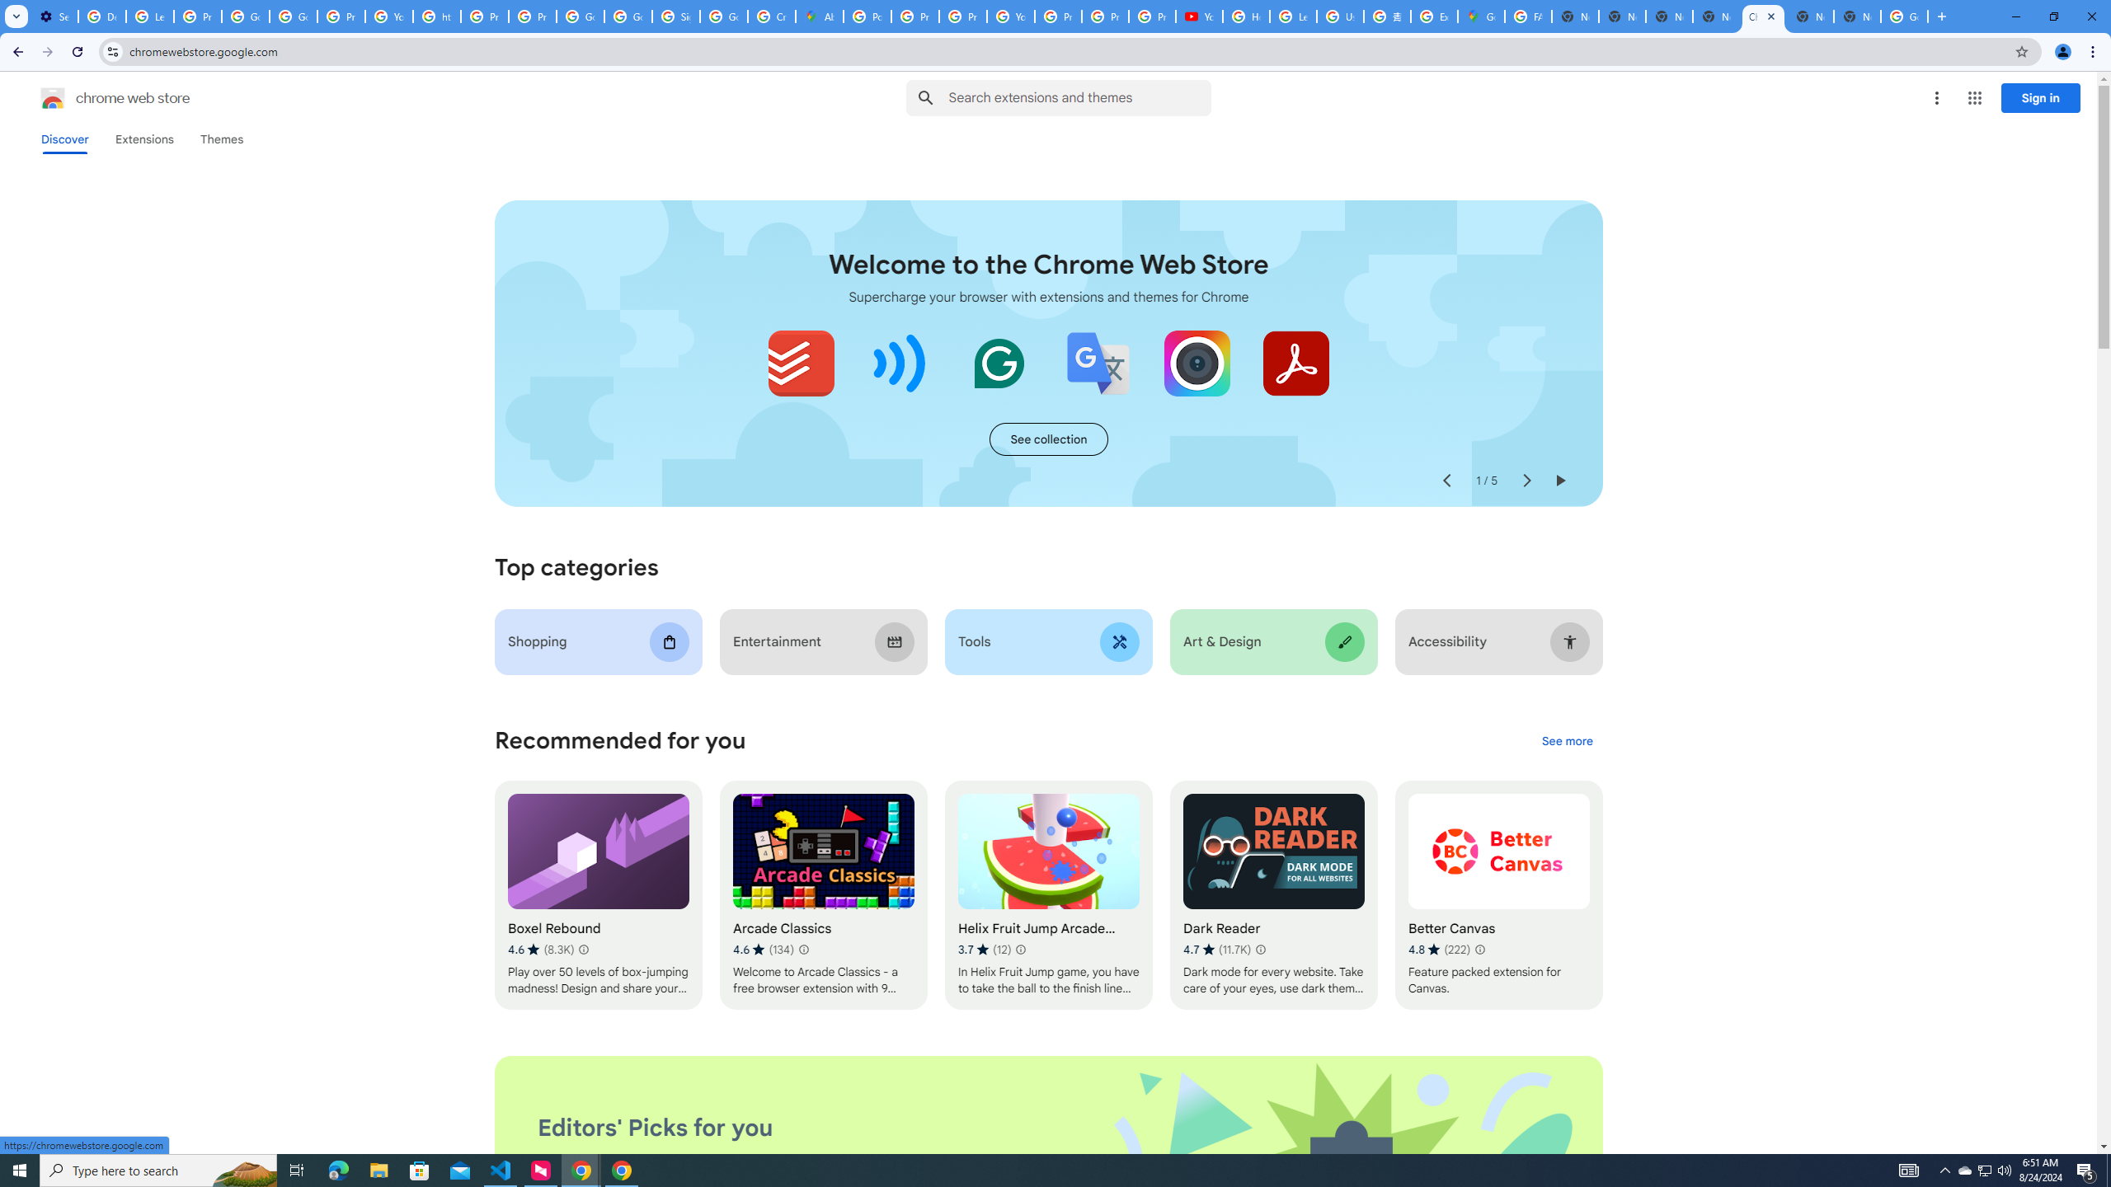 The height and width of the screenshot is (1187, 2111). Describe the element at coordinates (823, 641) in the screenshot. I see `'Entertainment'` at that location.